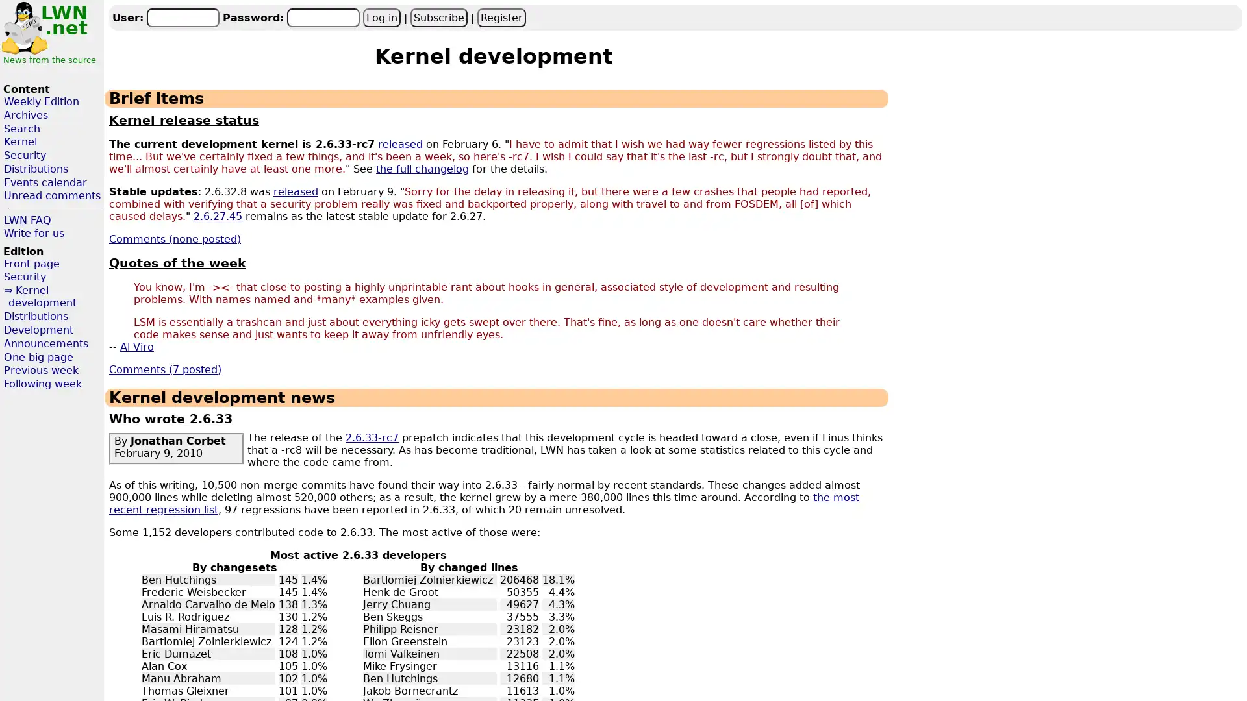 The image size is (1247, 701). What do you see at coordinates (438, 17) in the screenshot?
I see `Subscribe` at bounding box center [438, 17].